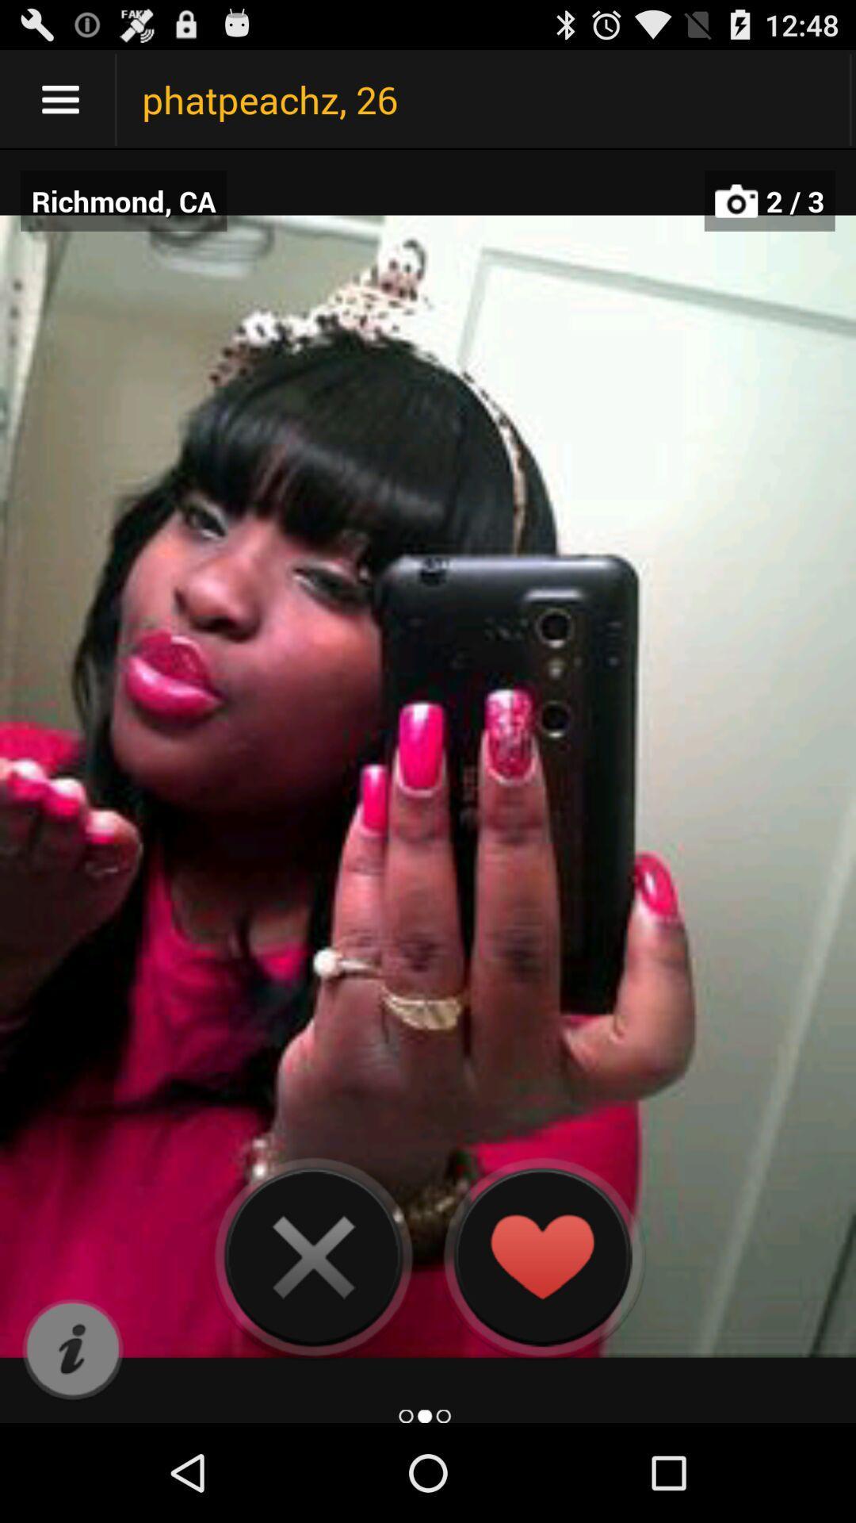 Image resolution: width=856 pixels, height=1523 pixels. I want to click on app below richmond, ca icon, so click(72, 1349).